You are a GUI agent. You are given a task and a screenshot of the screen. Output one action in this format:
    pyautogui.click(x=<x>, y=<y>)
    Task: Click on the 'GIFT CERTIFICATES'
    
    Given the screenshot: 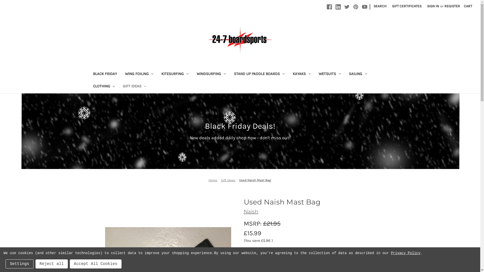 What is the action you would take?
    pyautogui.click(x=407, y=6)
    